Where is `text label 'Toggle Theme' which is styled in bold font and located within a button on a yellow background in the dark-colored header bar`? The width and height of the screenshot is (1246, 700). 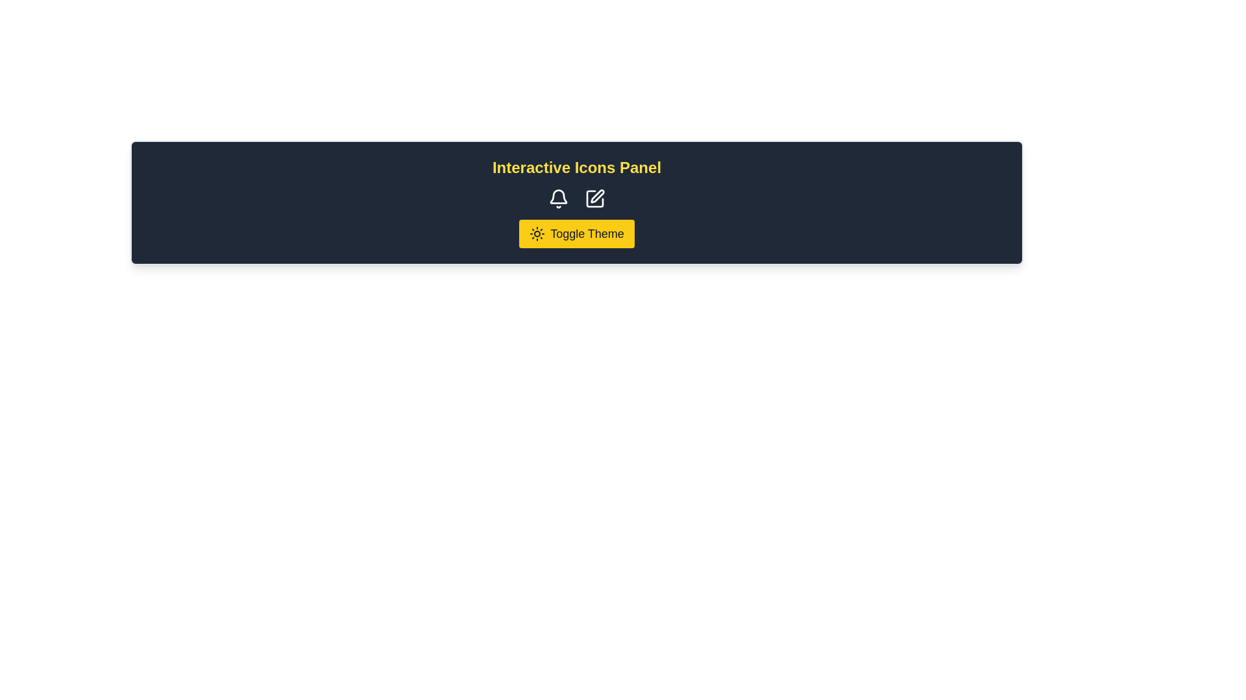 text label 'Toggle Theme' which is styled in bold font and located within a button on a yellow background in the dark-colored header bar is located at coordinates (587, 234).